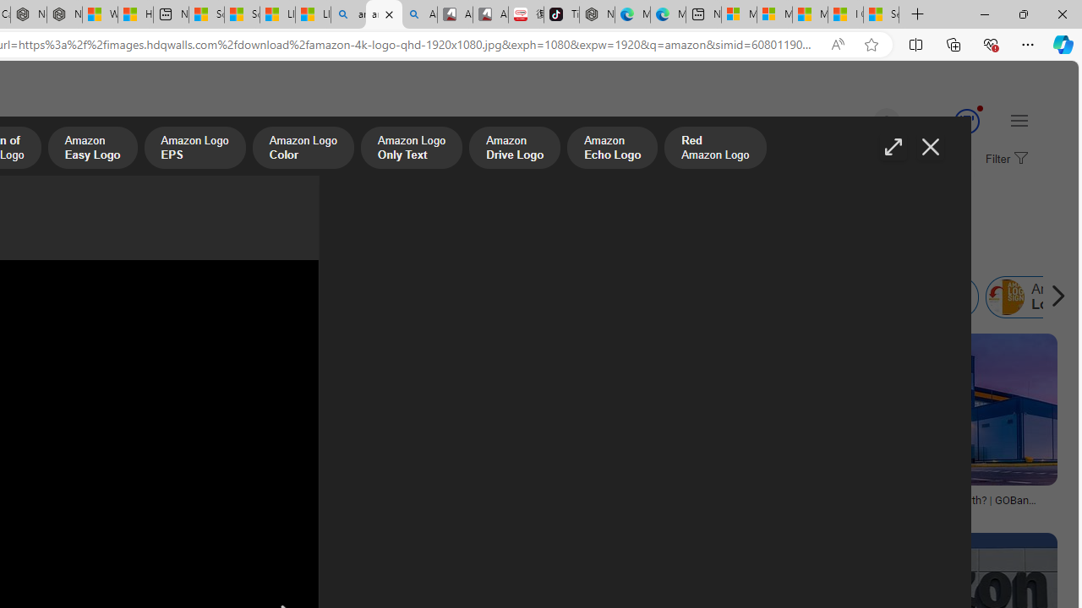 The image size is (1082, 608). I want to click on 'Scroll right', so click(1052, 296).